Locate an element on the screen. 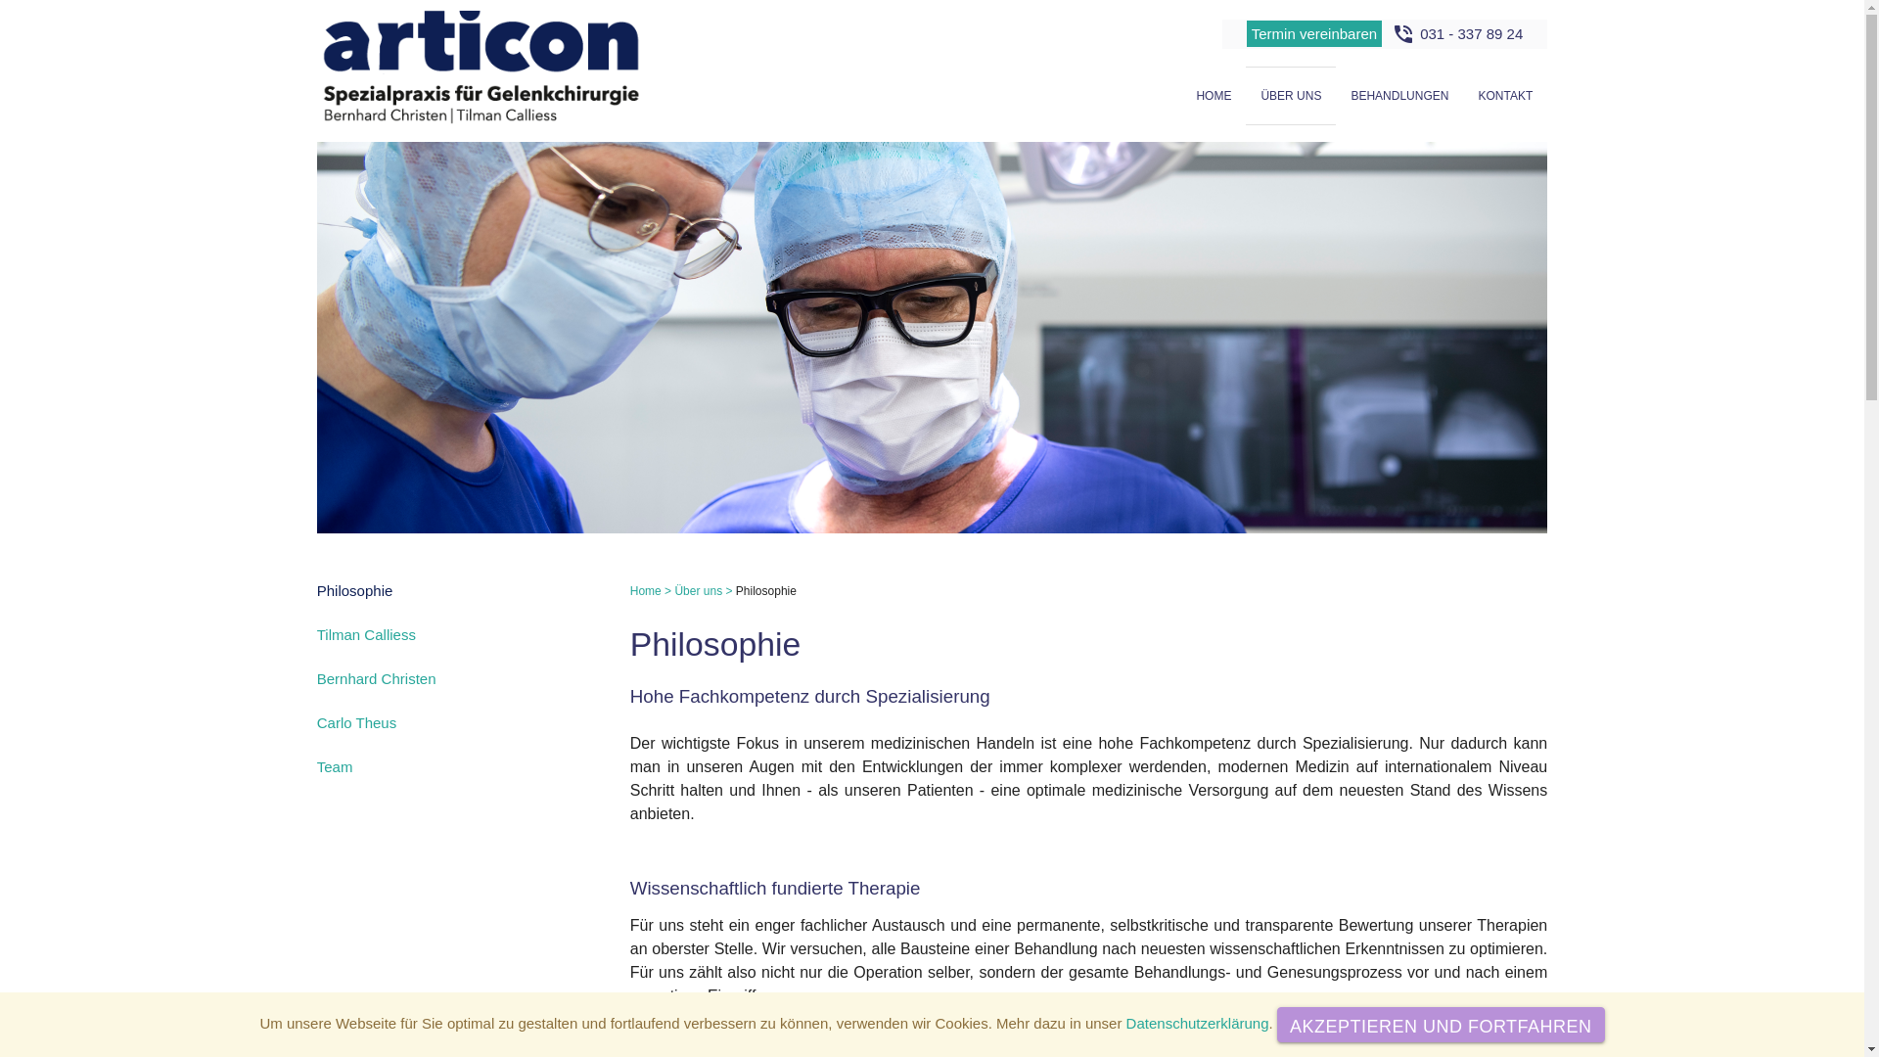  'AKZEPTIEREN UND FORTFAHREN' is located at coordinates (1441, 1023).